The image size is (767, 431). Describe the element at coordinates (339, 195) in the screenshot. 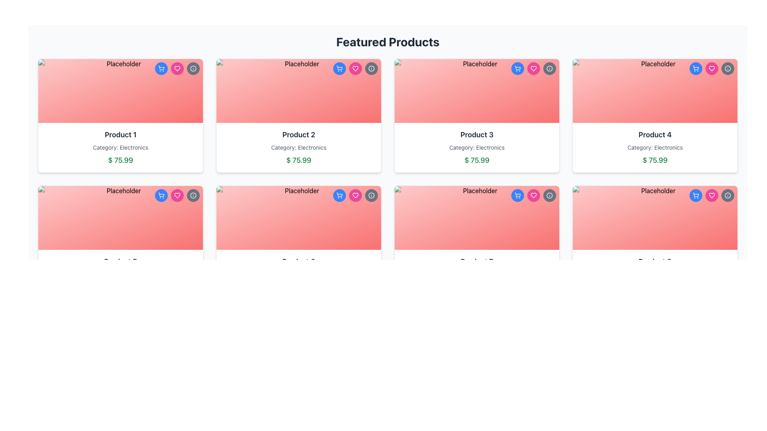

I see `the shopping cart button located in the top-right corner of the product card labeled 'Product 2'` at that location.